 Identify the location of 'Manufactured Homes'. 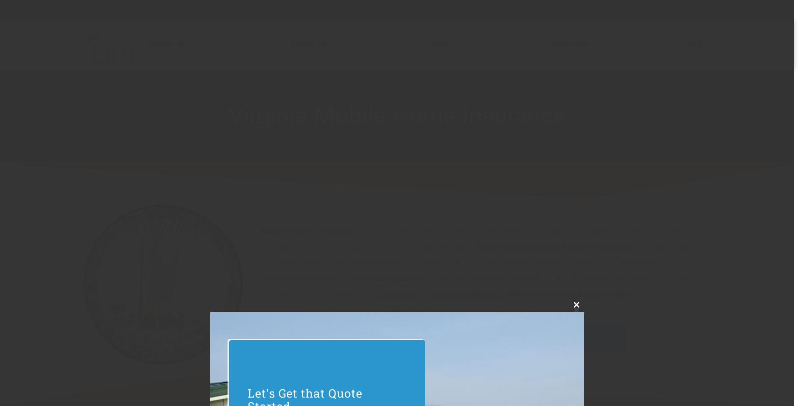
(348, 79).